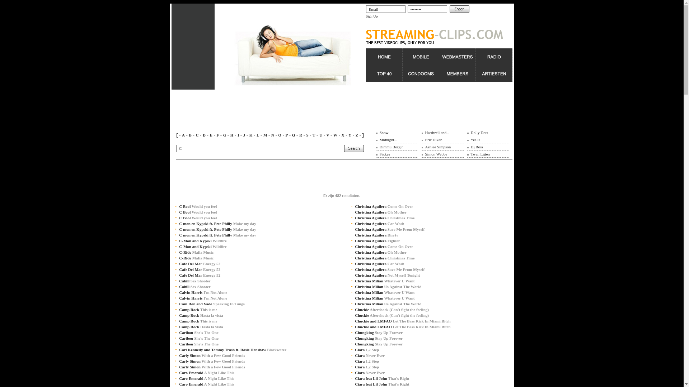 Image resolution: width=689 pixels, height=387 pixels. What do you see at coordinates (437, 146) in the screenshot?
I see `'Ashlee Simpson'` at bounding box center [437, 146].